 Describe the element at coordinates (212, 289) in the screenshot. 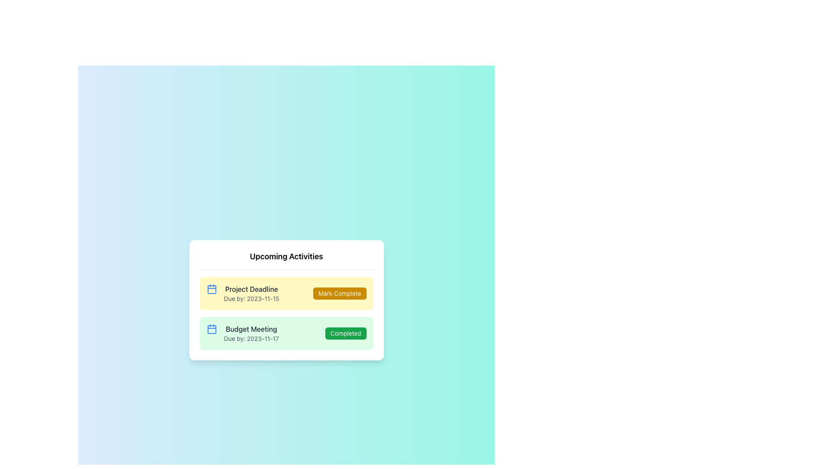

I see `the calendar icon located in the 'Upcoming Activities' section, which is positioned to the left of the text 'Project Deadline'` at that location.